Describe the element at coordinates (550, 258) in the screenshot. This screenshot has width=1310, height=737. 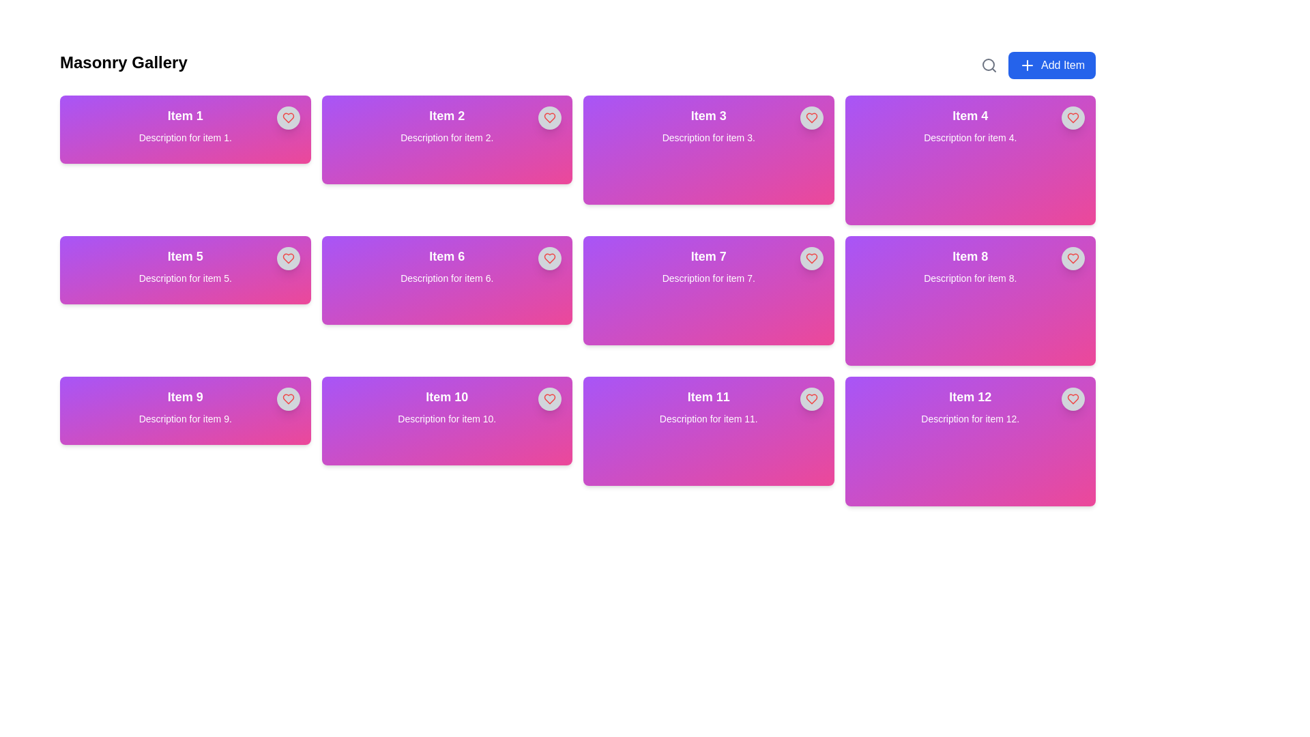
I see `the heart icon located at the top-right corner of the card labeled 'Item 6'` at that location.